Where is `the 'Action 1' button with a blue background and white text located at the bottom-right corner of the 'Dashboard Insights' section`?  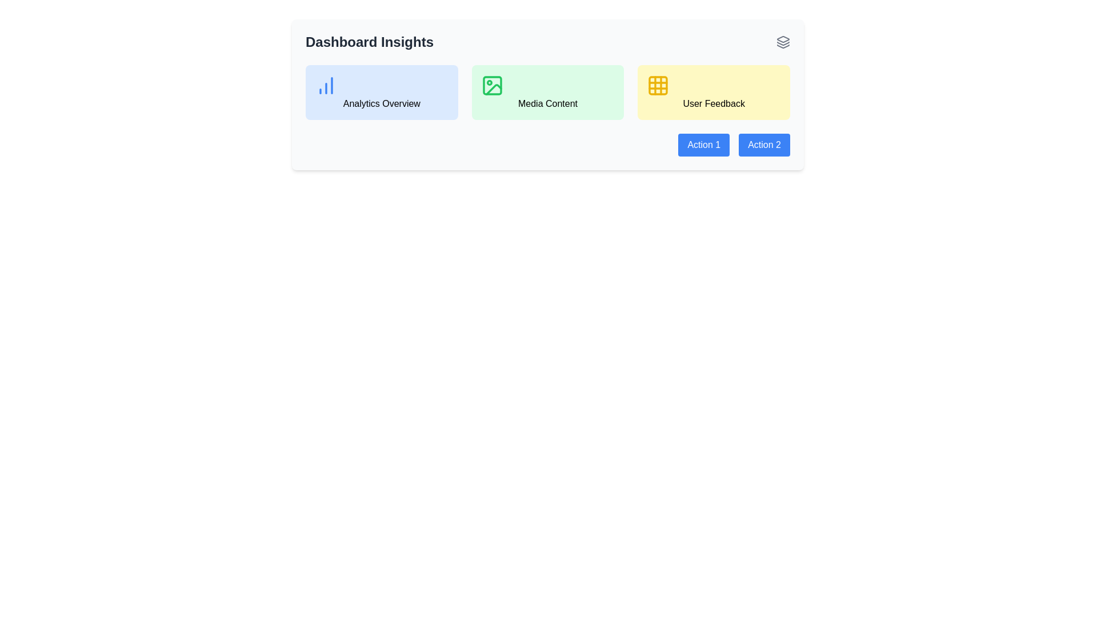 the 'Action 1' button with a blue background and white text located at the bottom-right corner of the 'Dashboard Insights' section is located at coordinates (703, 145).